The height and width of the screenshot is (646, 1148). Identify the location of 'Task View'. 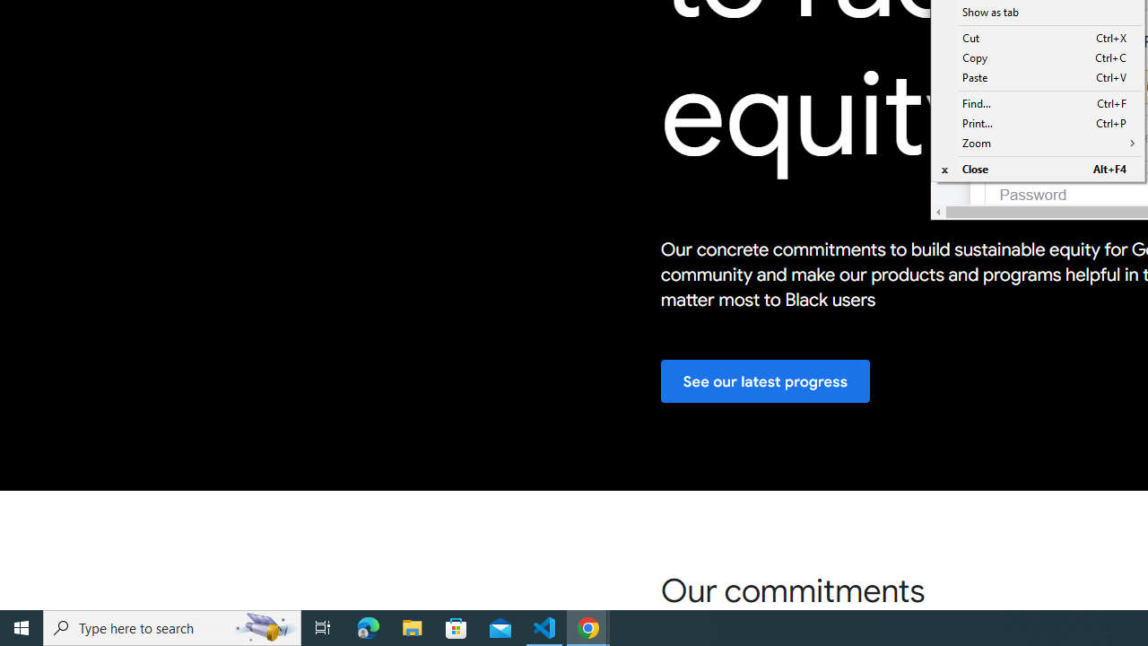
(322, 626).